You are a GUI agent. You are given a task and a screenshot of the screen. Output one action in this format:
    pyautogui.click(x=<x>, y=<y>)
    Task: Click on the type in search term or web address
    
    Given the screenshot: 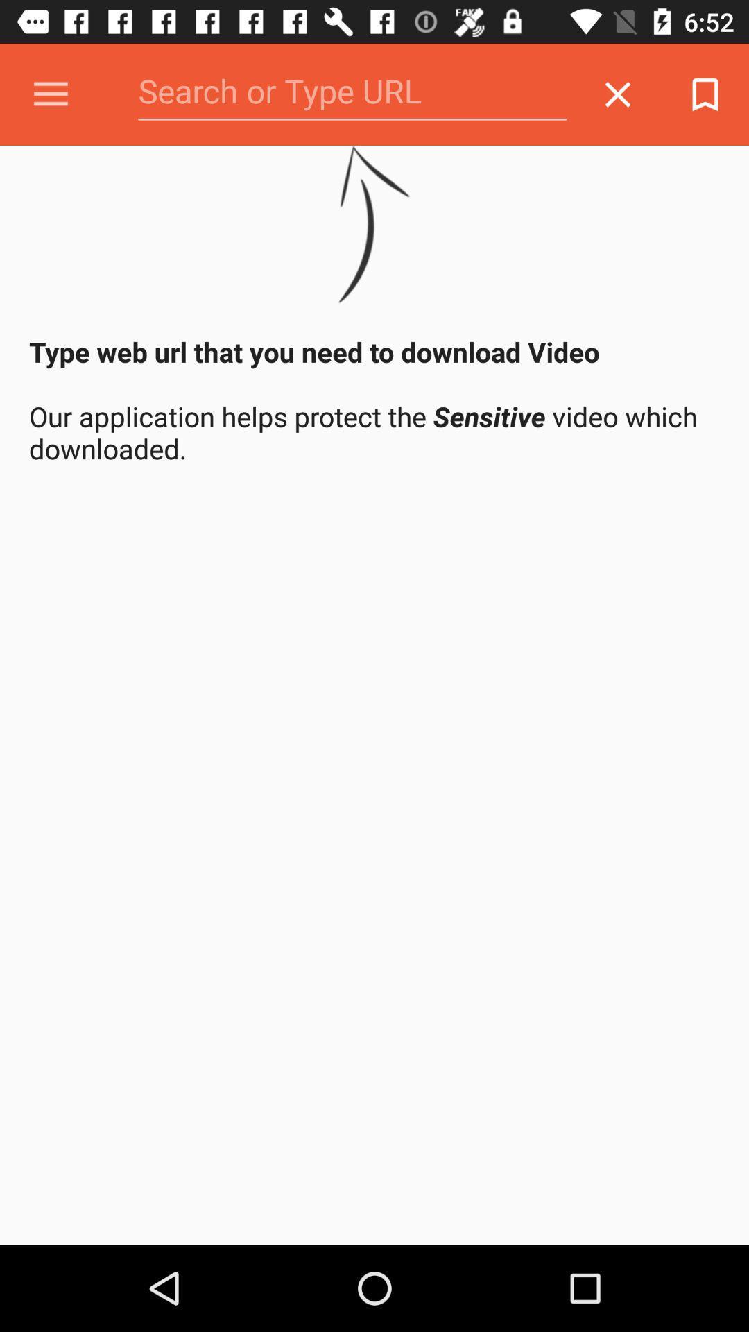 What is the action you would take?
    pyautogui.click(x=352, y=94)
    